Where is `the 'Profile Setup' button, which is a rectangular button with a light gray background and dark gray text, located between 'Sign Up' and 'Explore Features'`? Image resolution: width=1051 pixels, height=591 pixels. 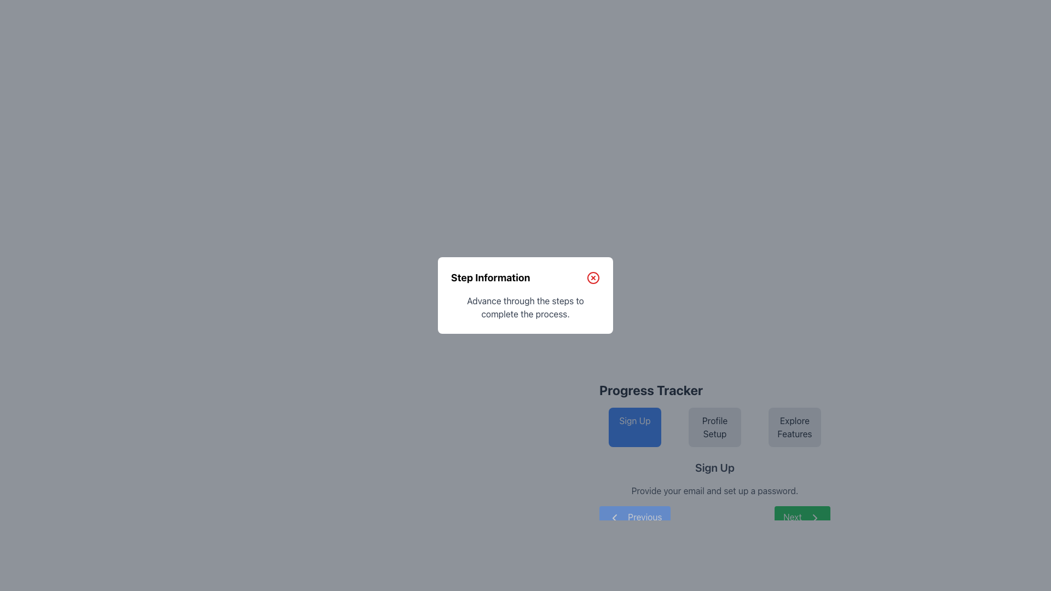 the 'Profile Setup' button, which is a rectangular button with a light gray background and dark gray text, located between 'Sign Up' and 'Explore Features' is located at coordinates (714, 426).